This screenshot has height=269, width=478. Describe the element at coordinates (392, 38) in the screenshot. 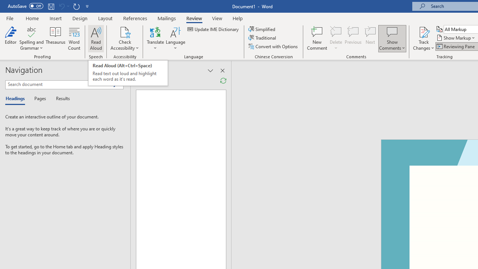

I see `'Show Comments'` at that location.